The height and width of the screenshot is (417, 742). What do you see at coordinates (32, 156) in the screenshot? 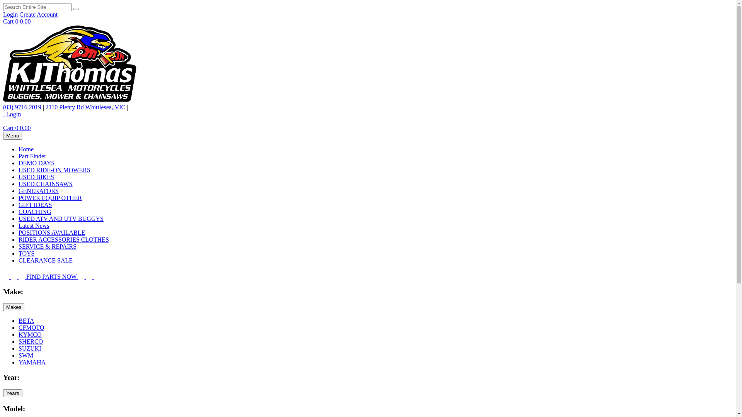
I see `'Part Finder'` at bounding box center [32, 156].